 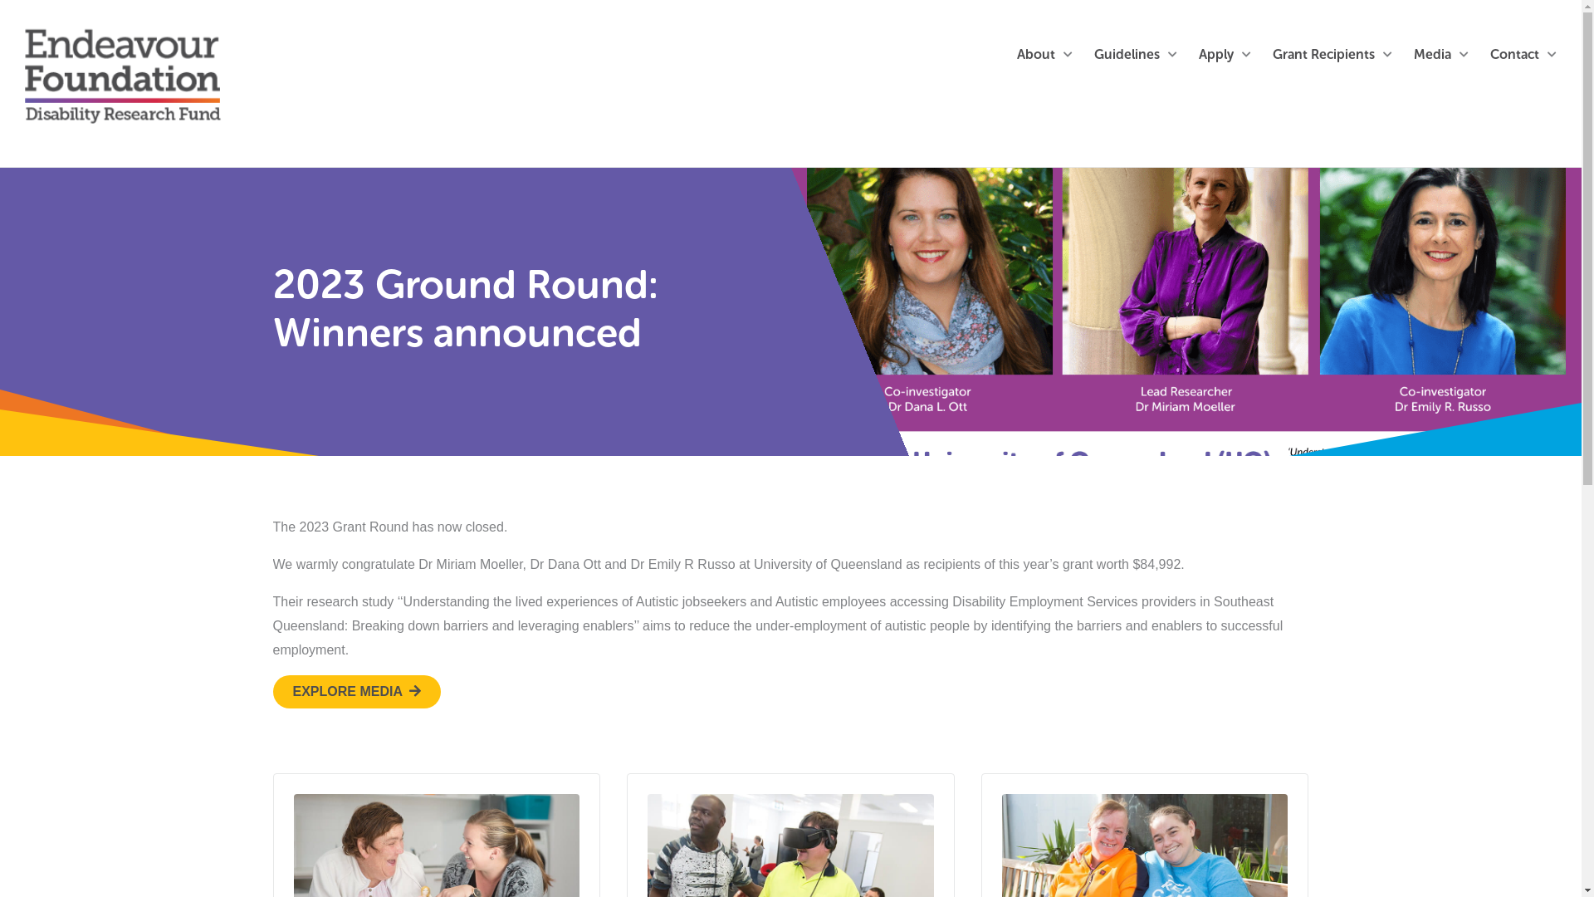 What do you see at coordinates (358, 691) in the screenshot?
I see `'EXPLORE MEDIA'` at bounding box center [358, 691].